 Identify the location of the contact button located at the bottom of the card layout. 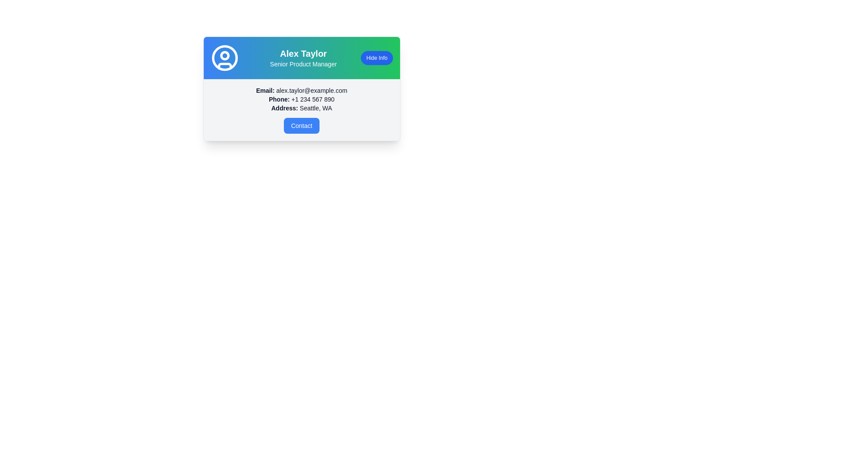
(301, 125).